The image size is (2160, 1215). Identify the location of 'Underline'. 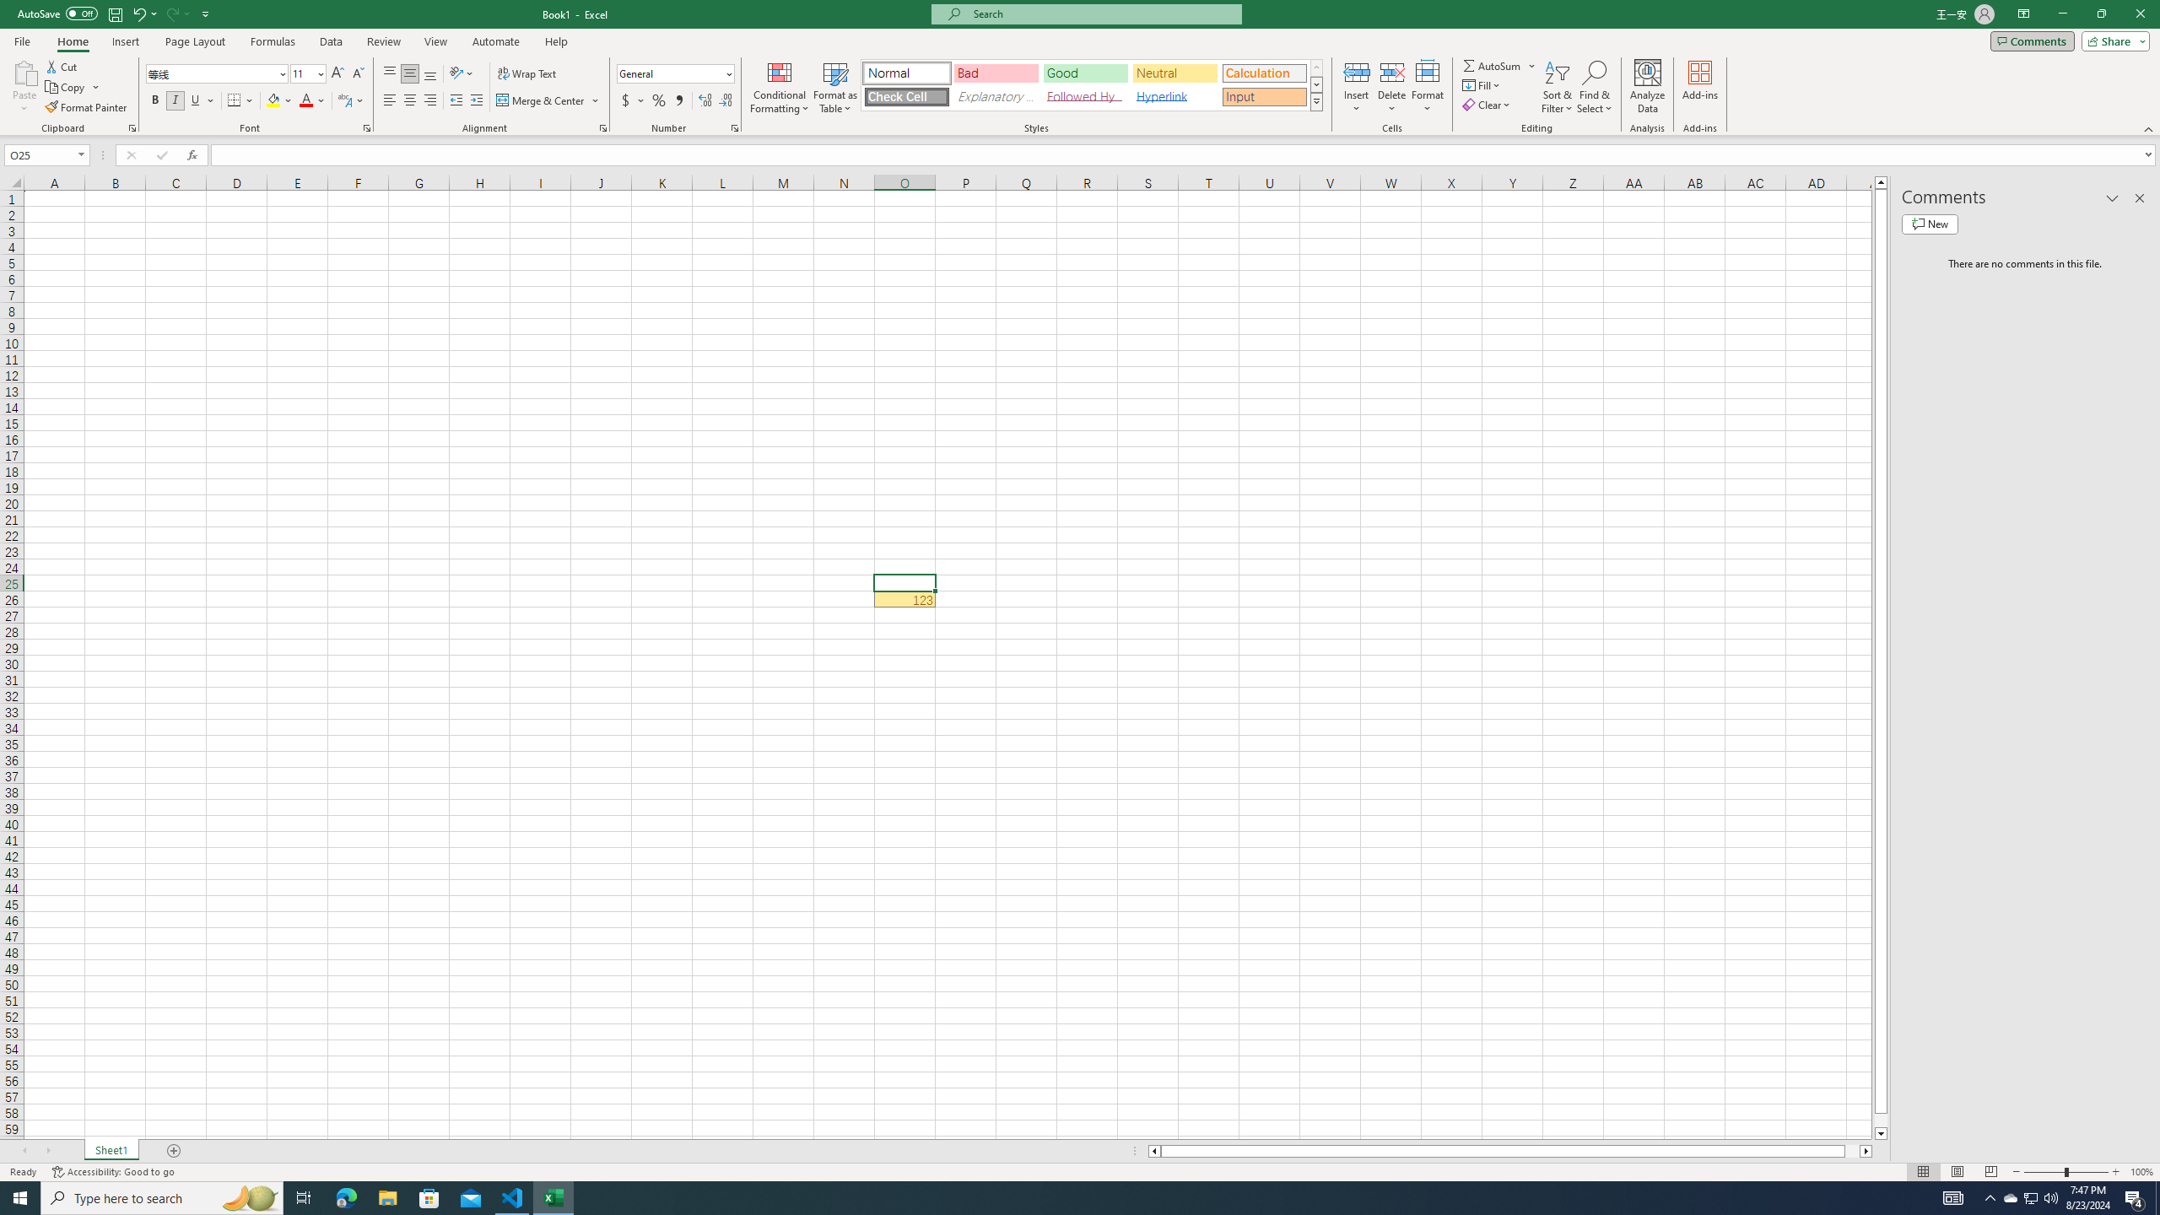
(202, 100).